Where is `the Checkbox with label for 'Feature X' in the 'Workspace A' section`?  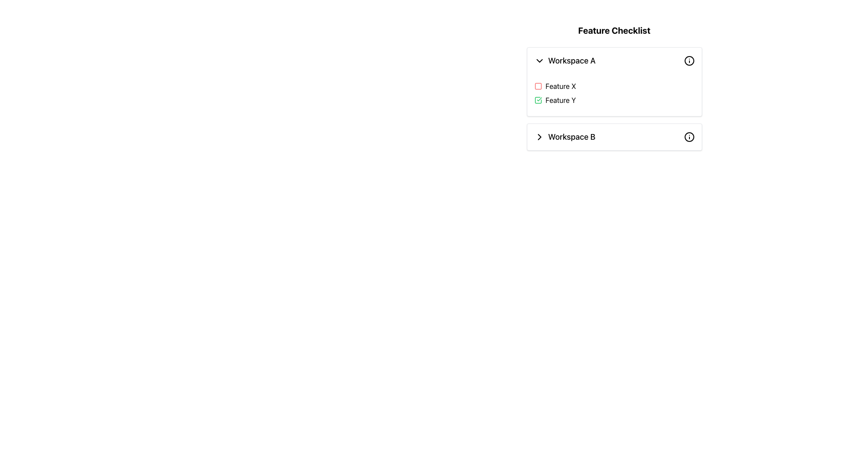
the Checkbox with label for 'Feature X' in the 'Workspace A' section is located at coordinates (555, 86).